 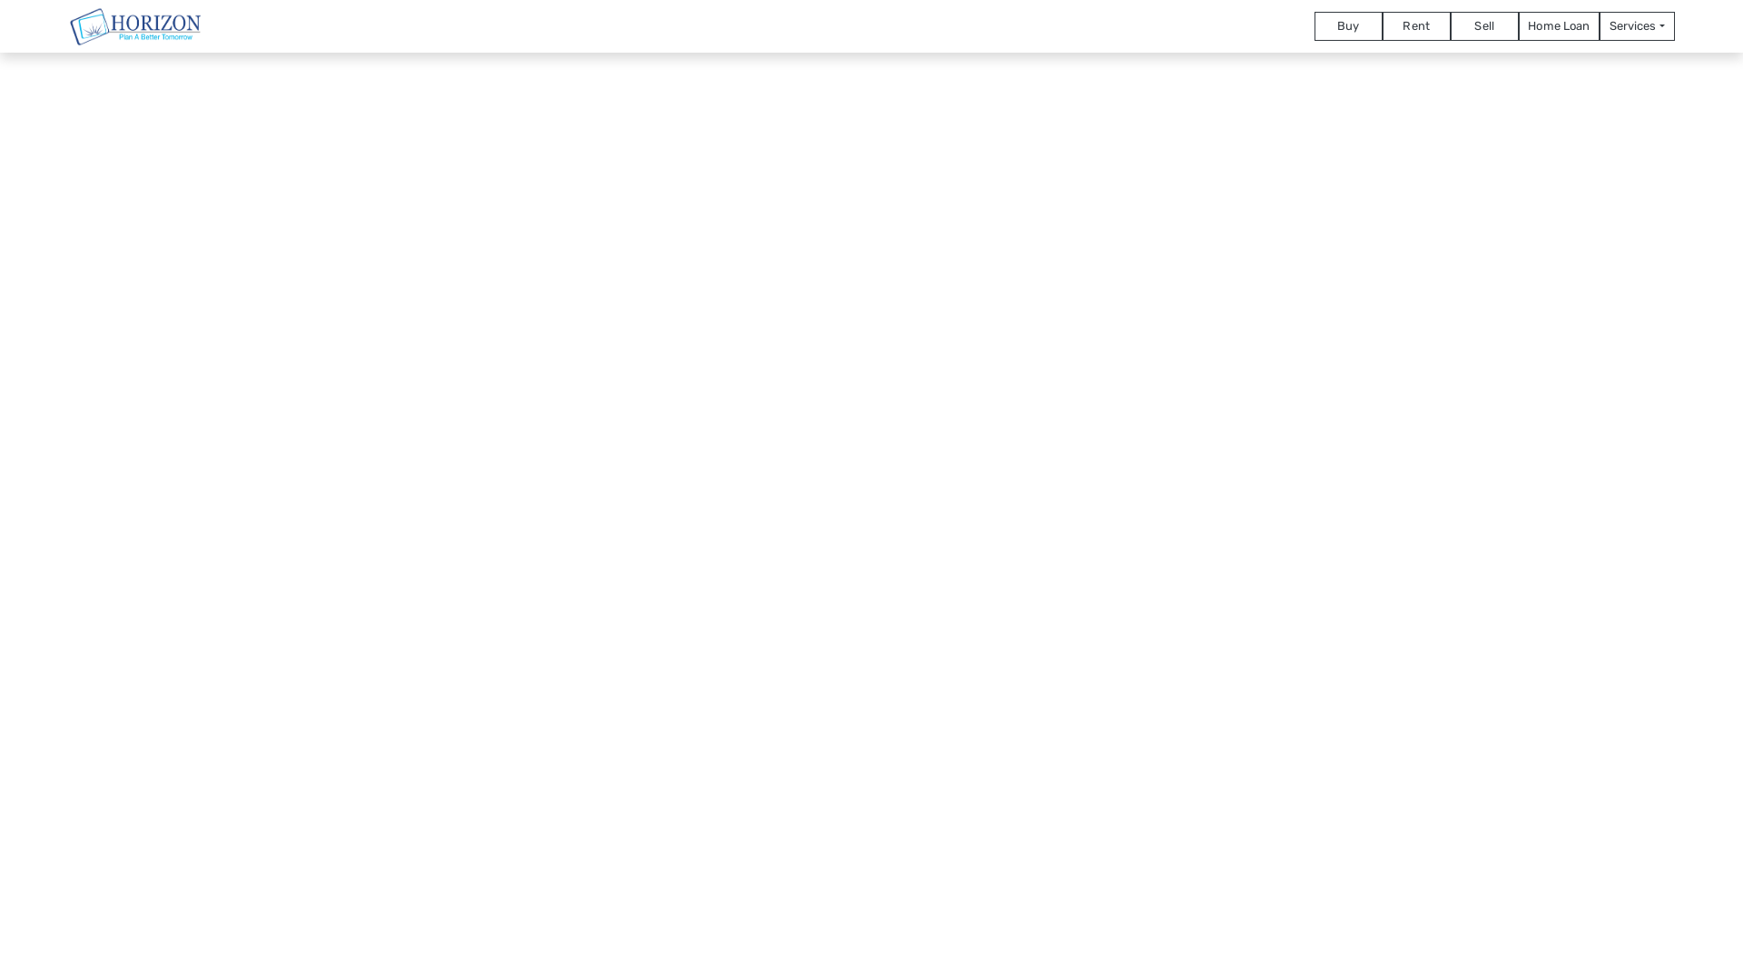 What do you see at coordinates (1381, 25) in the screenshot?
I see `'Rent'` at bounding box center [1381, 25].